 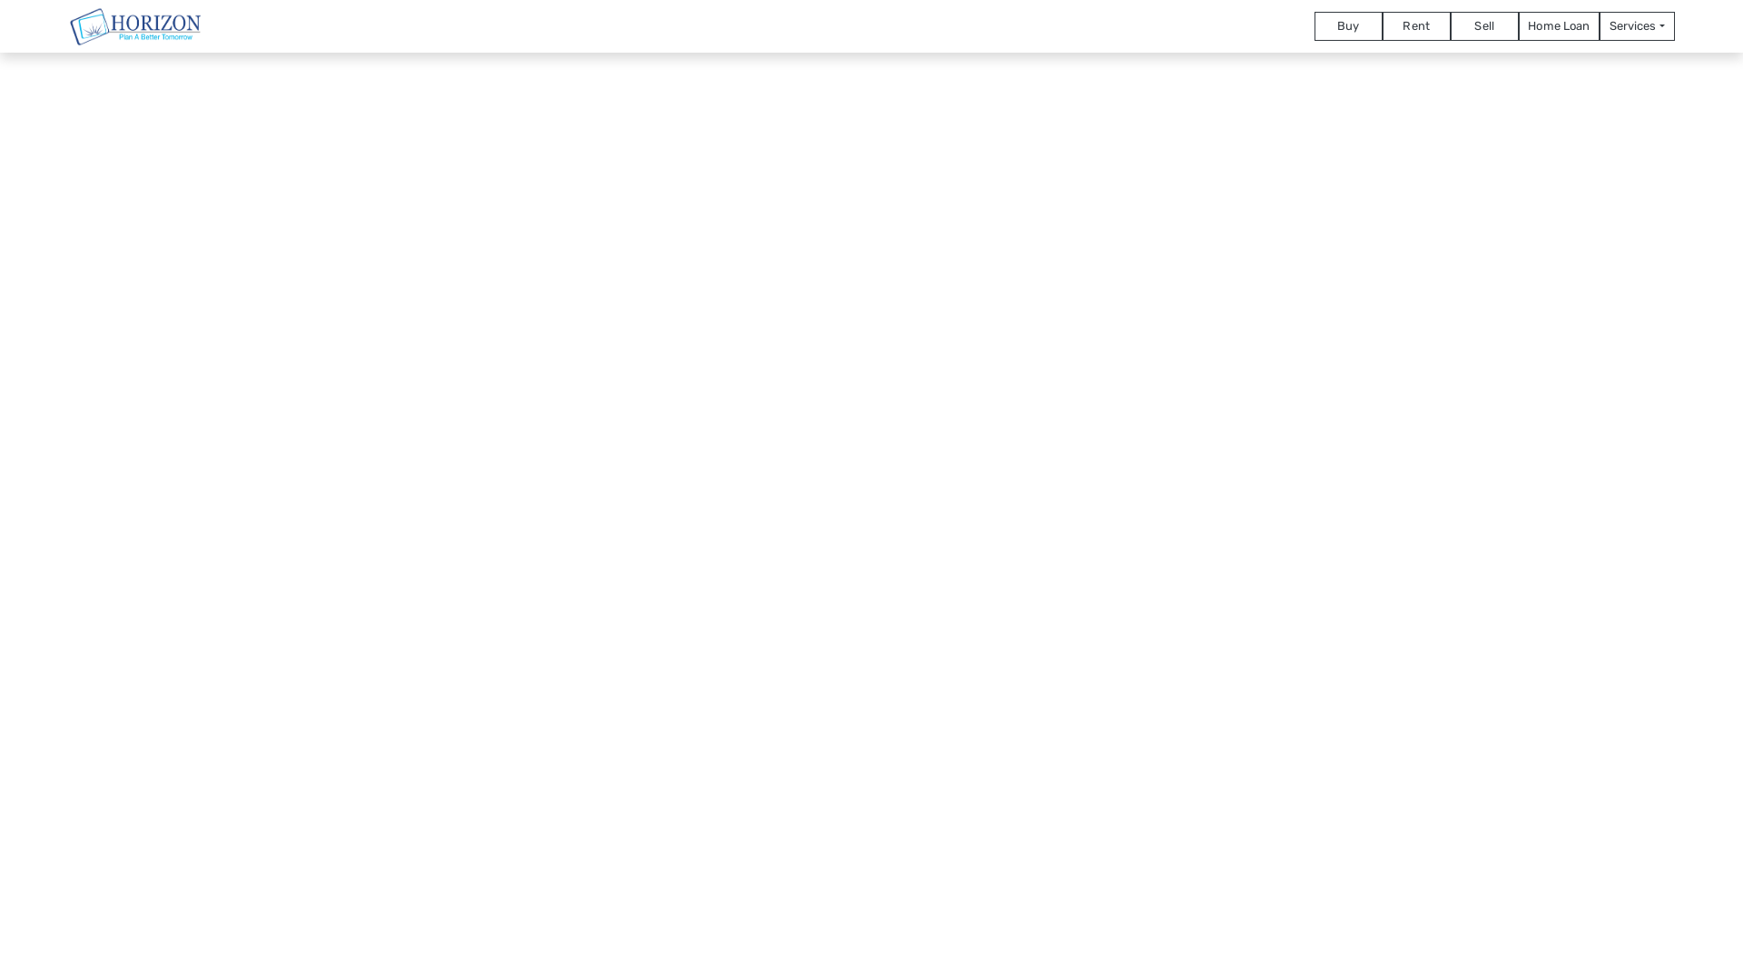 What do you see at coordinates (1381, 25) in the screenshot?
I see `'Rent'` at bounding box center [1381, 25].